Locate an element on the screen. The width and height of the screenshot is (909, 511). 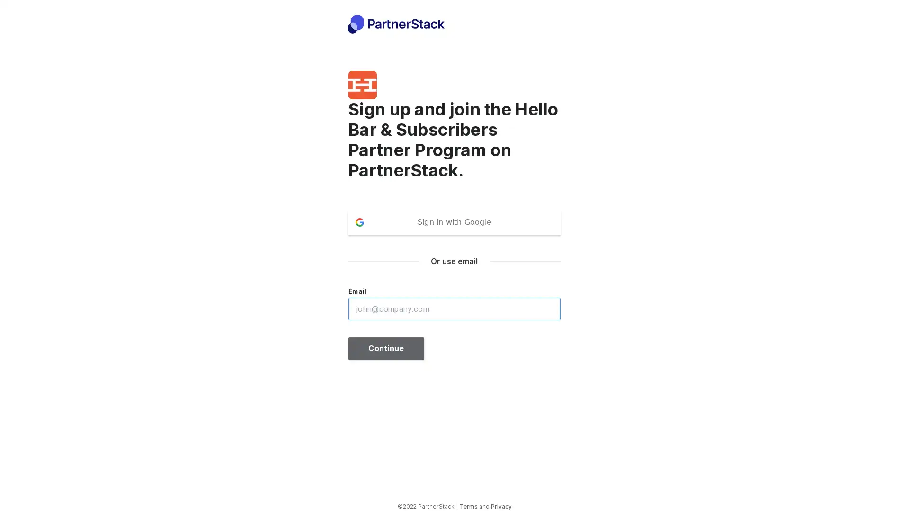
Continue is located at coordinates (386, 348).